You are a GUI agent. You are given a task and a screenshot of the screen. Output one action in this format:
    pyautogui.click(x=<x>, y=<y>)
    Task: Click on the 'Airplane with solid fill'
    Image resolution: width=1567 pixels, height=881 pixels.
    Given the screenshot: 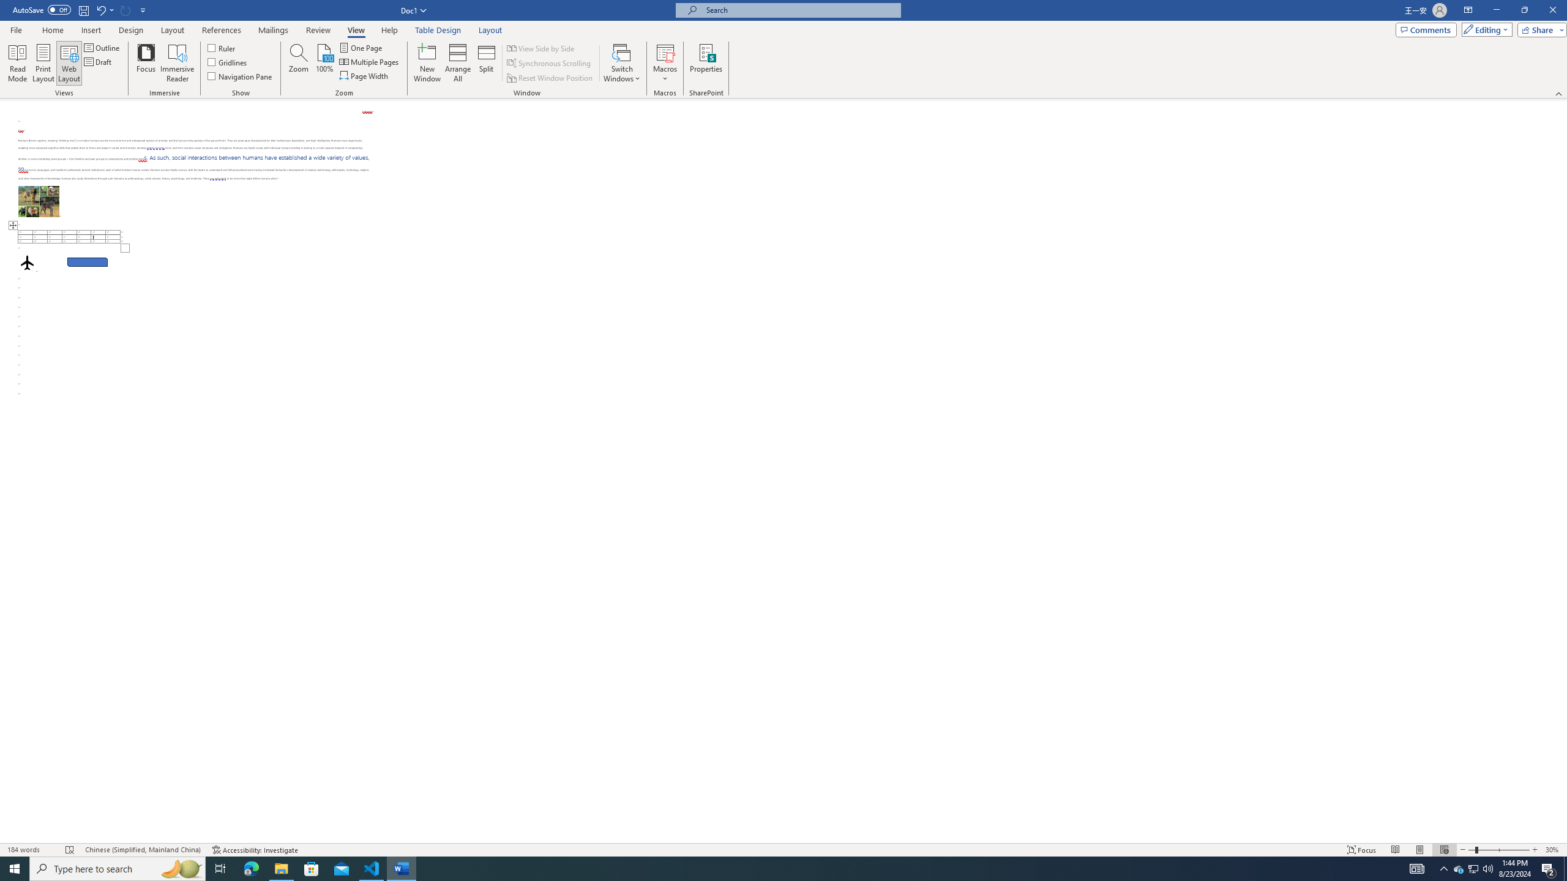 What is the action you would take?
    pyautogui.click(x=27, y=262)
    